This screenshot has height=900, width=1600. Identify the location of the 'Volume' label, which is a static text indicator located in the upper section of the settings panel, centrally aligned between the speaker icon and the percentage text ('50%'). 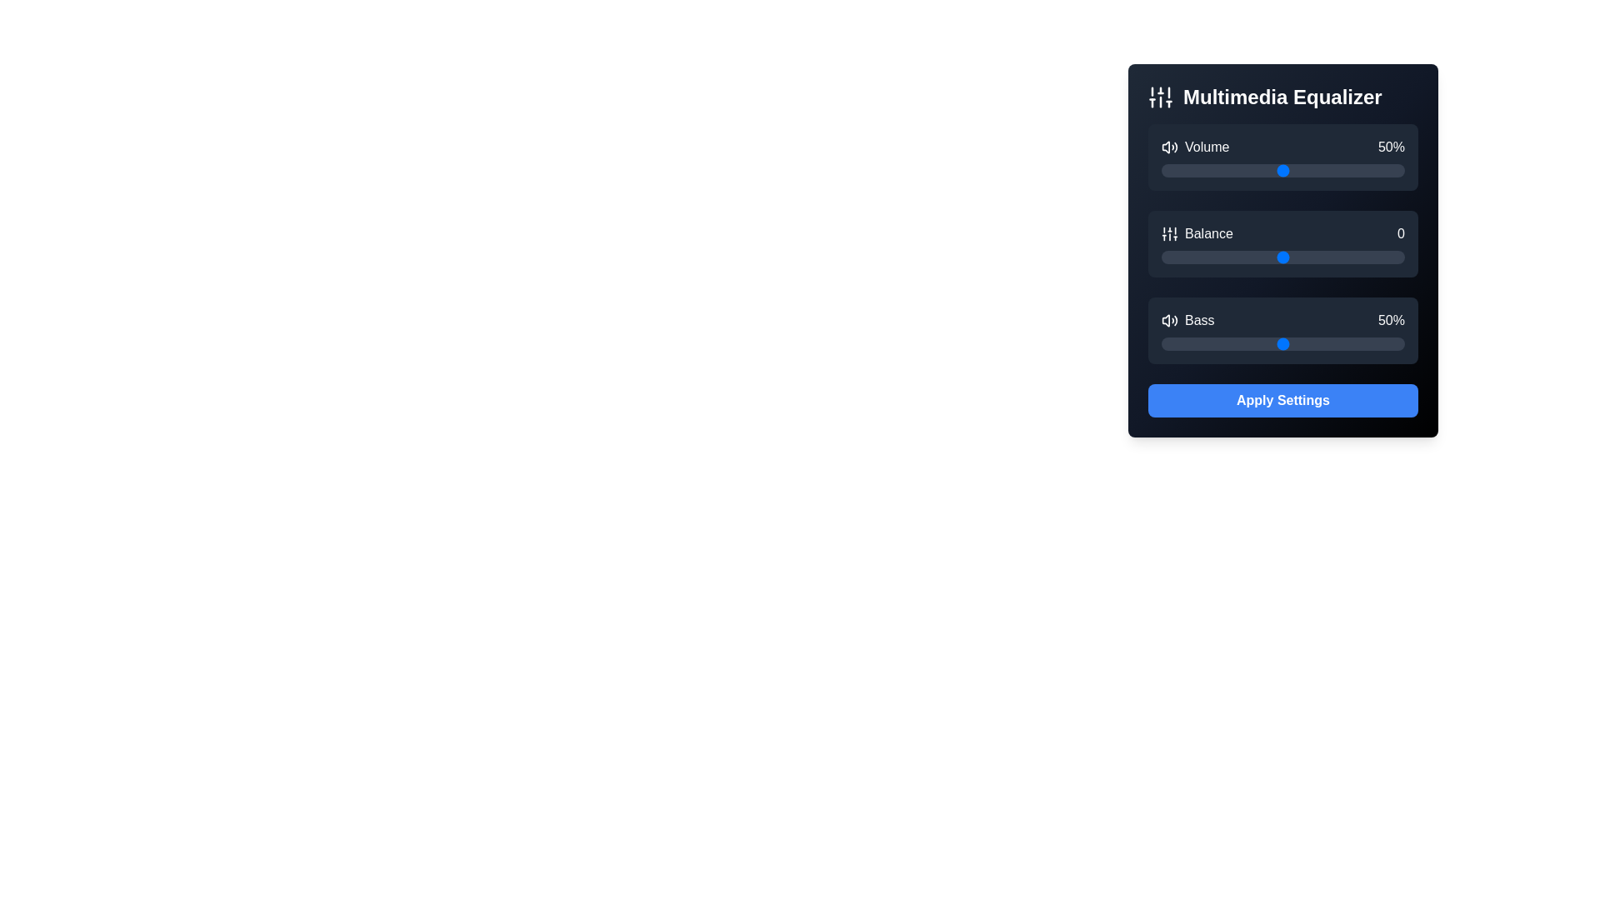
(1194, 147).